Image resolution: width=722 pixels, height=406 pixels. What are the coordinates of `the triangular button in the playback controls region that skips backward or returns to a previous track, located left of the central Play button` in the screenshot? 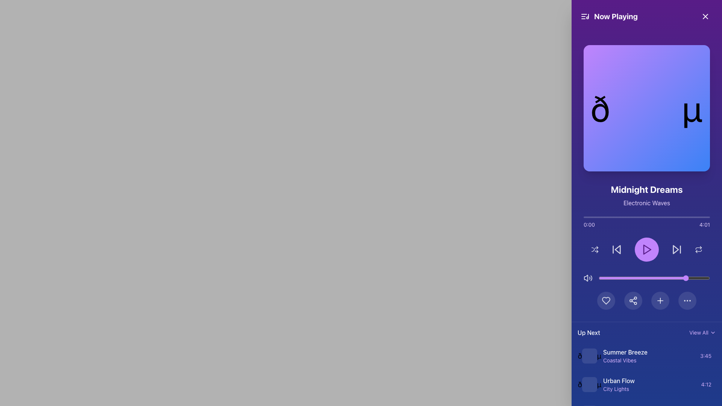 It's located at (617, 249).